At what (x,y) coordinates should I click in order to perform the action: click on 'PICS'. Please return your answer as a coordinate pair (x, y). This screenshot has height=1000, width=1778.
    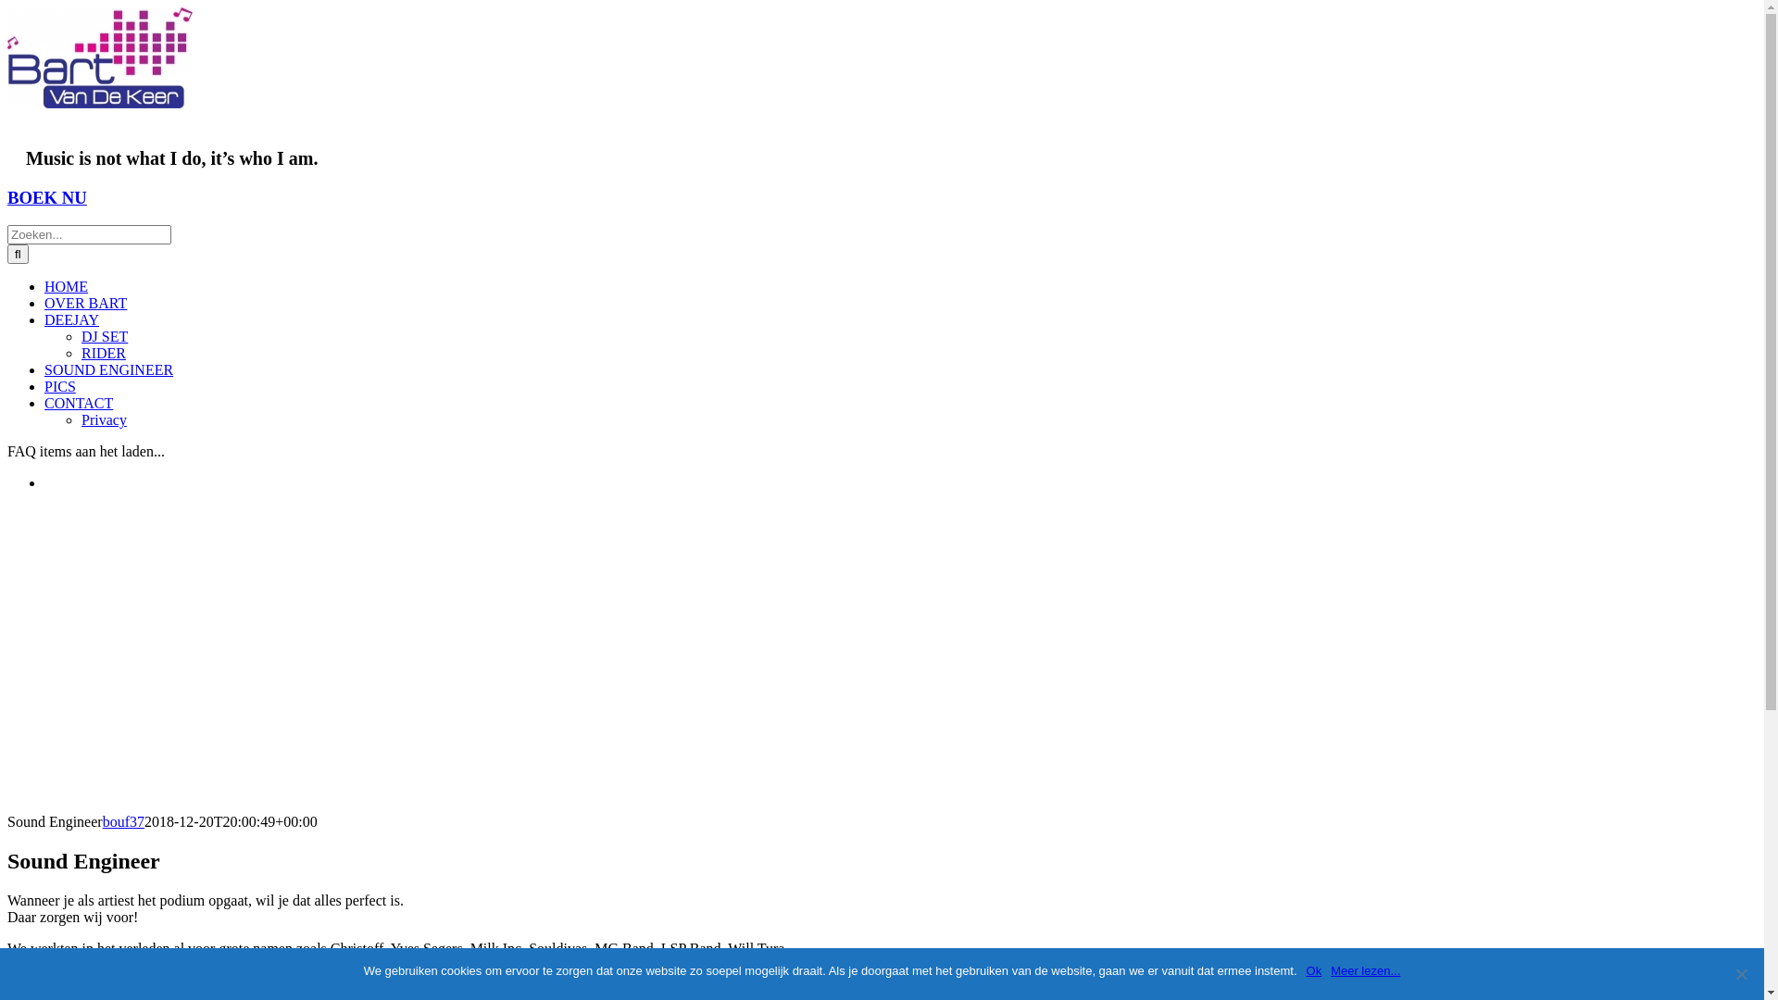
    Looking at the image, I should click on (60, 385).